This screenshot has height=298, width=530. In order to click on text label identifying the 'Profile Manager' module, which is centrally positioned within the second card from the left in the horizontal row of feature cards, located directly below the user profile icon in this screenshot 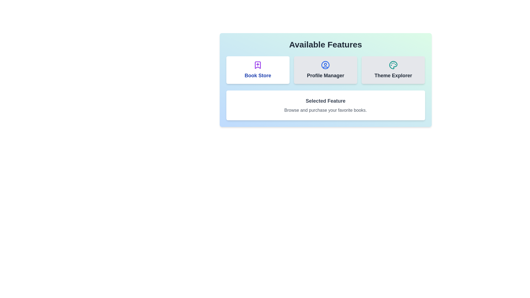, I will do `click(325, 75)`.